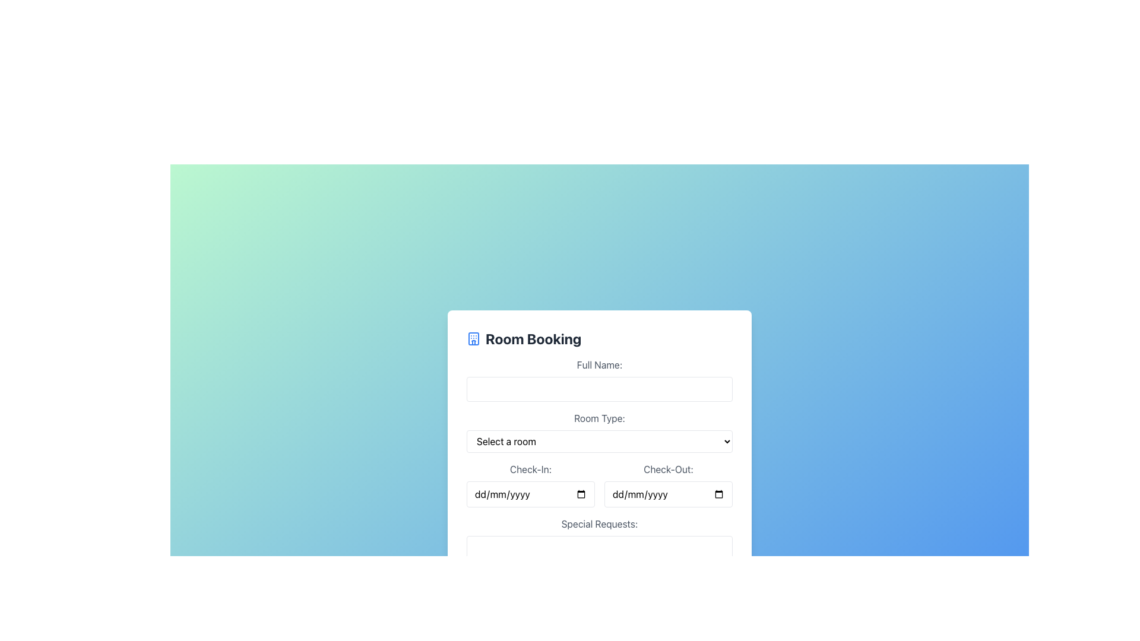 This screenshot has width=1140, height=641. I want to click on the date input field for selecting the check-out date in the Room Booking form, so click(669, 485).